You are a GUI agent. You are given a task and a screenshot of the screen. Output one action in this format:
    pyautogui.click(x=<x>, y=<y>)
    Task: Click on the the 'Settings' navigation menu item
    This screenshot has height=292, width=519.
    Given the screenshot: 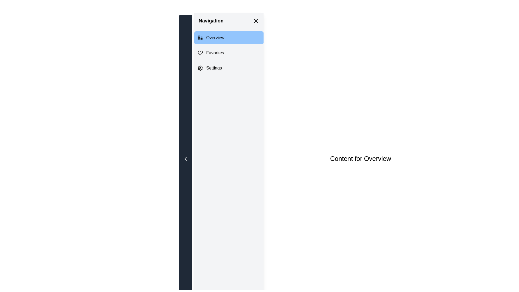 What is the action you would take?
    pyautogui.click(x=229, y=68)
    